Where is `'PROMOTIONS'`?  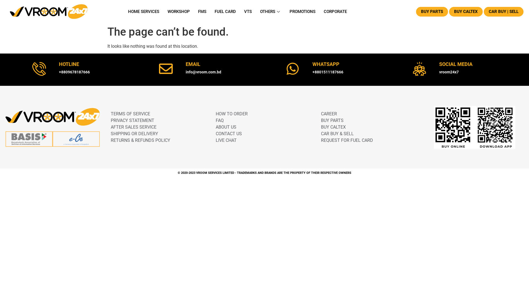 'PROMOTIONS' is located at coordinates (302, 12).